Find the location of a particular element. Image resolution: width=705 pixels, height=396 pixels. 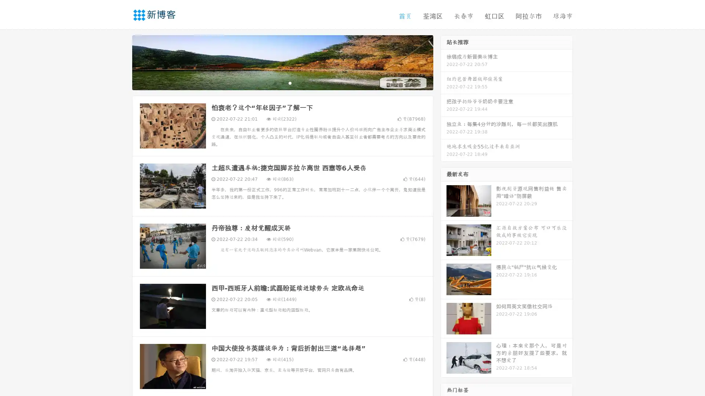

Previous slide is located at coordinates (121, 62).